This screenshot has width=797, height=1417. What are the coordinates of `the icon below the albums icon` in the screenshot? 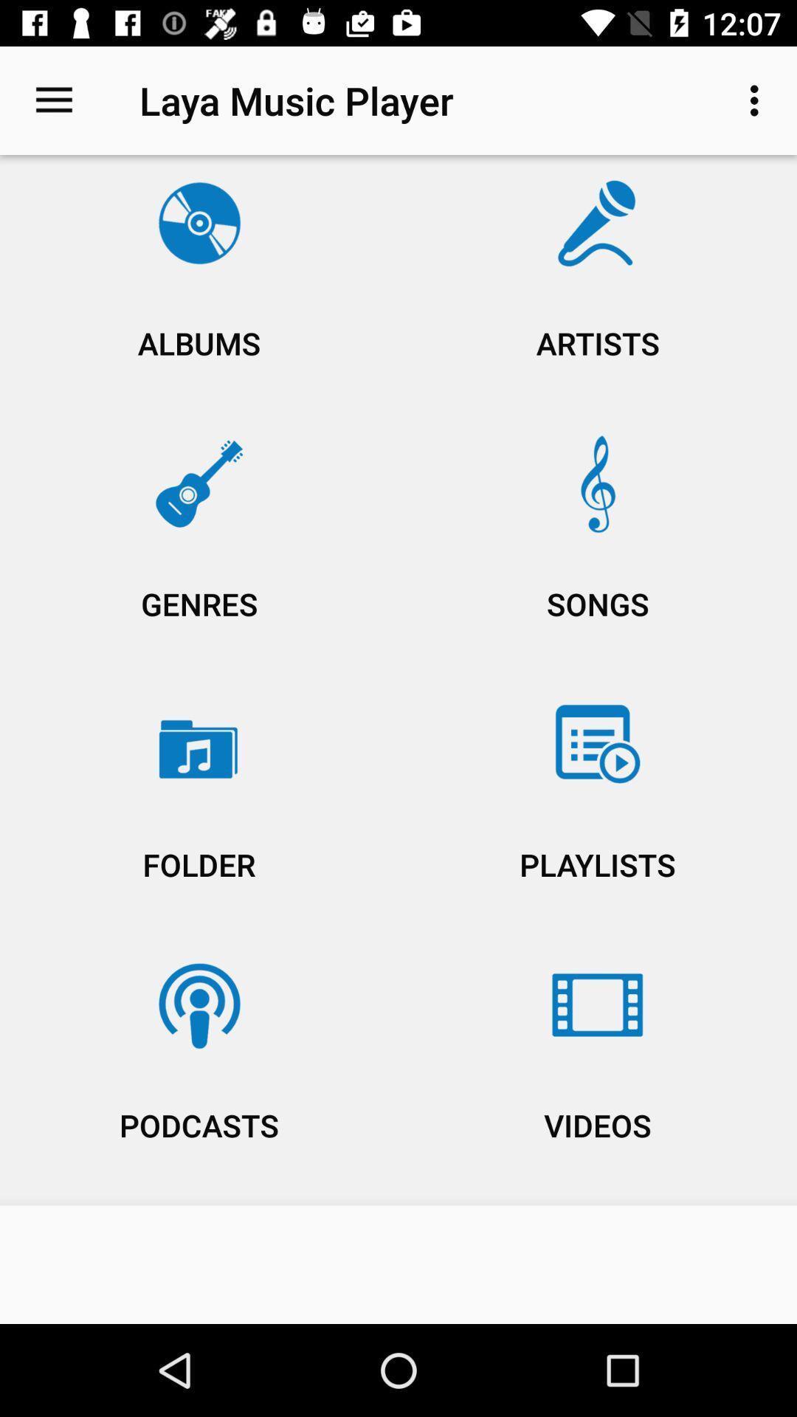 It's located at (199, 549).